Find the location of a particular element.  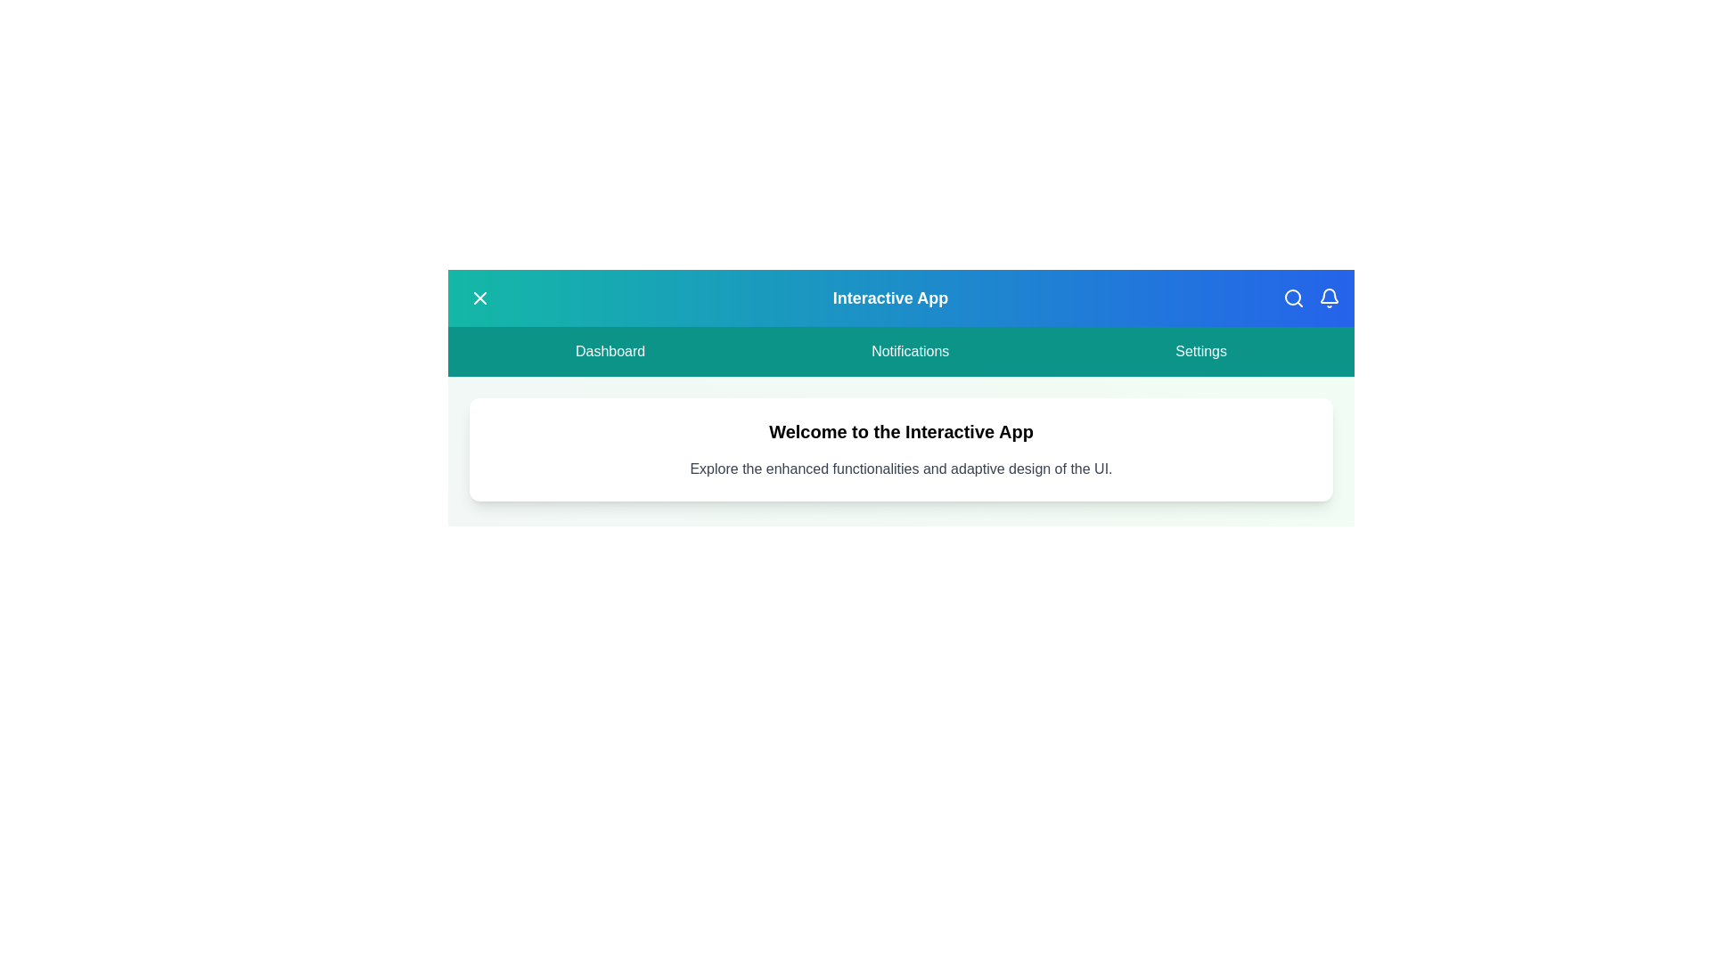

the 'Settings' link in the navigation bar is located at coordinates (1201, 351).